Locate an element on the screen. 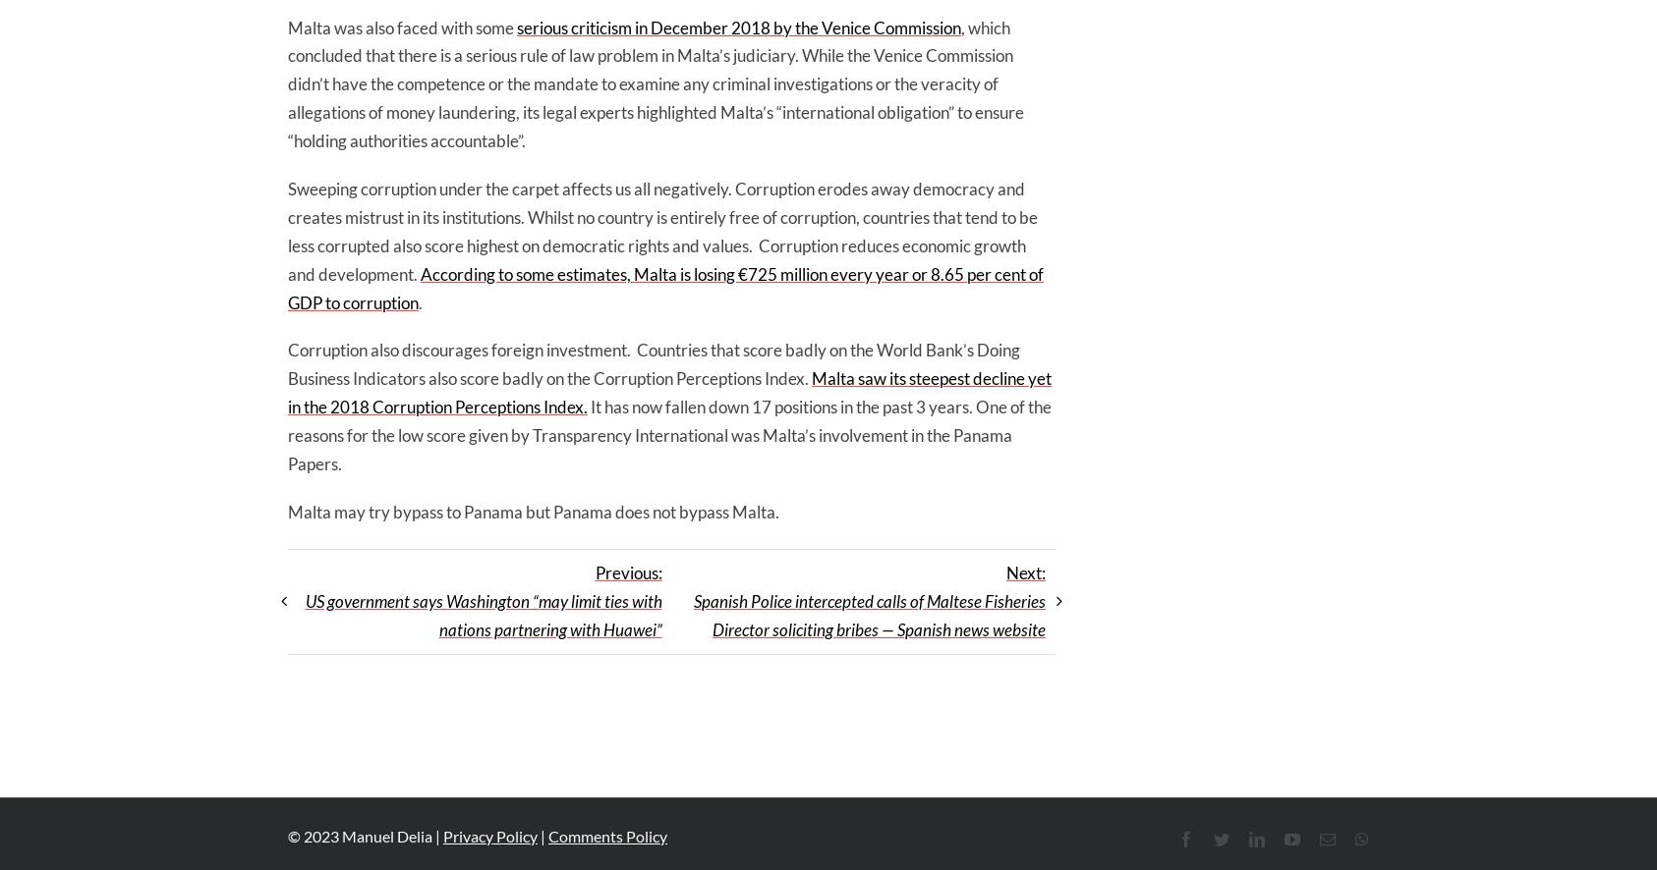  'According to some estimates, Malta is losing €725 million every year or 8.65 per cent of GDP to corruption' is located at coordinates (664, 288).